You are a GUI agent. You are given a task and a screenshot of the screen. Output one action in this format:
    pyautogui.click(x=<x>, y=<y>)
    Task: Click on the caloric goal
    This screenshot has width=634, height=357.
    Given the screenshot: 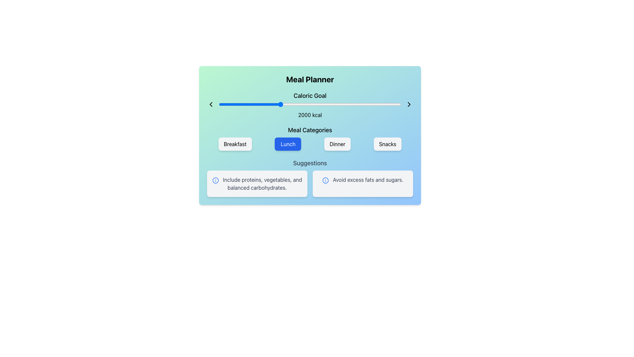 What is the action you would take?
    pyautogui.click(x=222, y=104)
    